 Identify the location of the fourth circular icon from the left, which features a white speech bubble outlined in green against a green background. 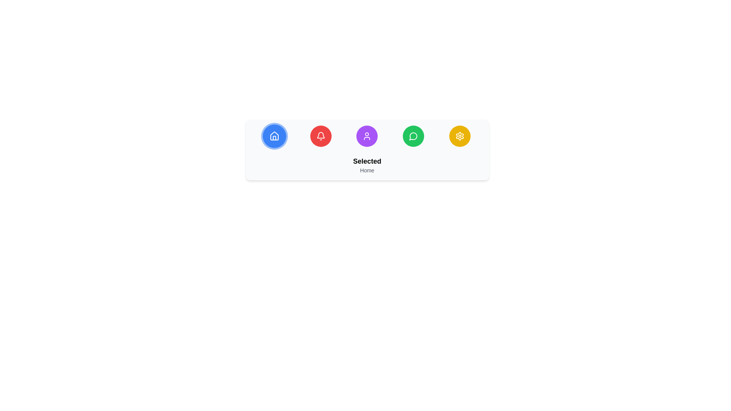
(413, 136).